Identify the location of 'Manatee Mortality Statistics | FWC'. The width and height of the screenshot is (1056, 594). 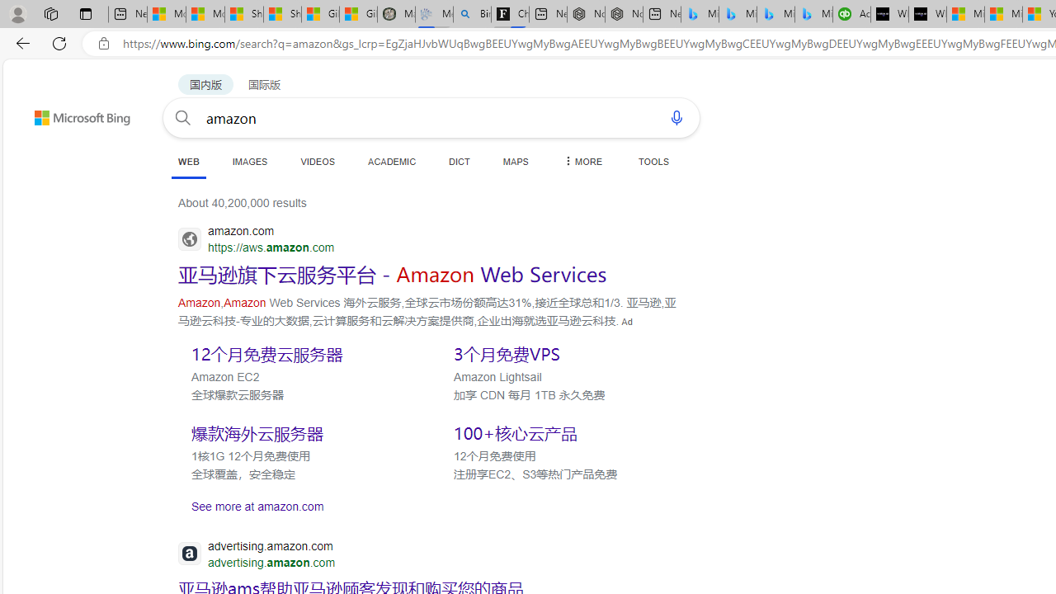
(396, 14).